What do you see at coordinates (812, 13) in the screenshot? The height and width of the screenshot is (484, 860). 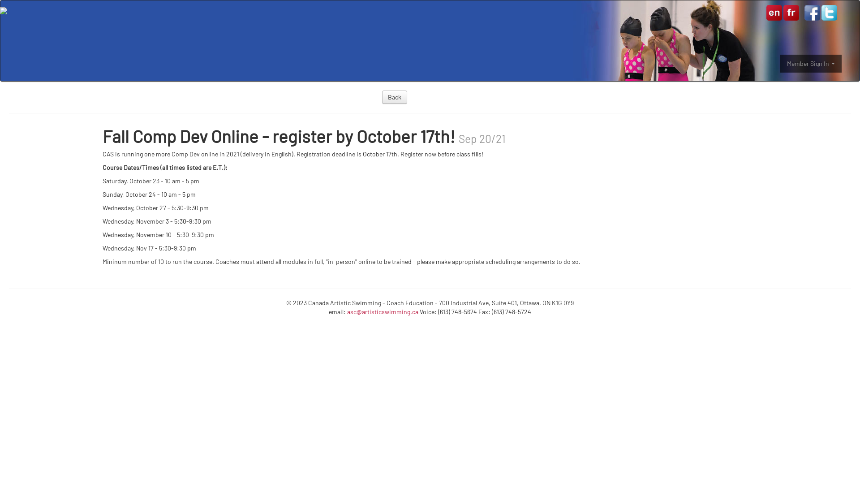 I see `'Canada Artistic Swimming on Facebook'` at bounding box center [812, 13].